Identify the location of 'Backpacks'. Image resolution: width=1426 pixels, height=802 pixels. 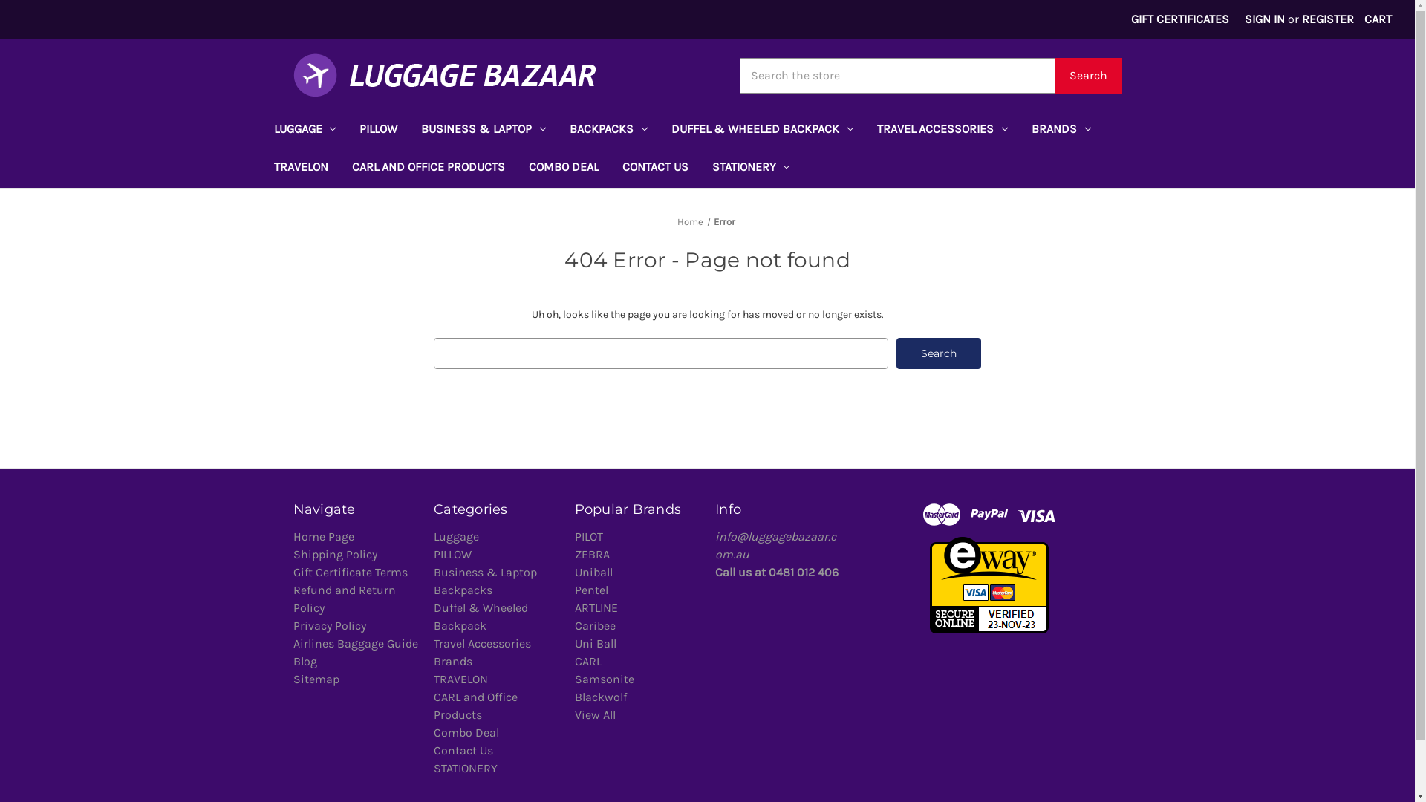
(462, 589).